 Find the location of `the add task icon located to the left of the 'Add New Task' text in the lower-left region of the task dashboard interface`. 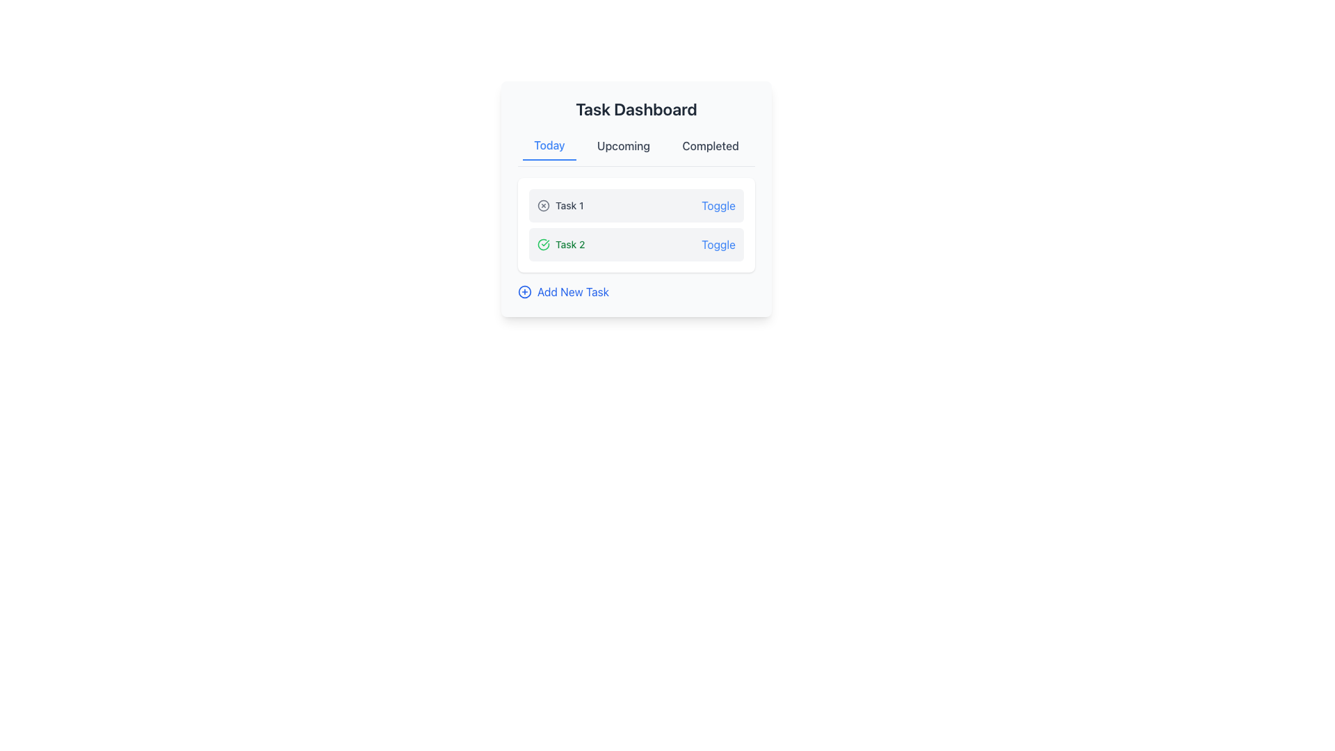

the add task icon located to the left of the 'Add New Task' text in the lower-left region of the task dashboard interface is located at coordinates (524, 291).